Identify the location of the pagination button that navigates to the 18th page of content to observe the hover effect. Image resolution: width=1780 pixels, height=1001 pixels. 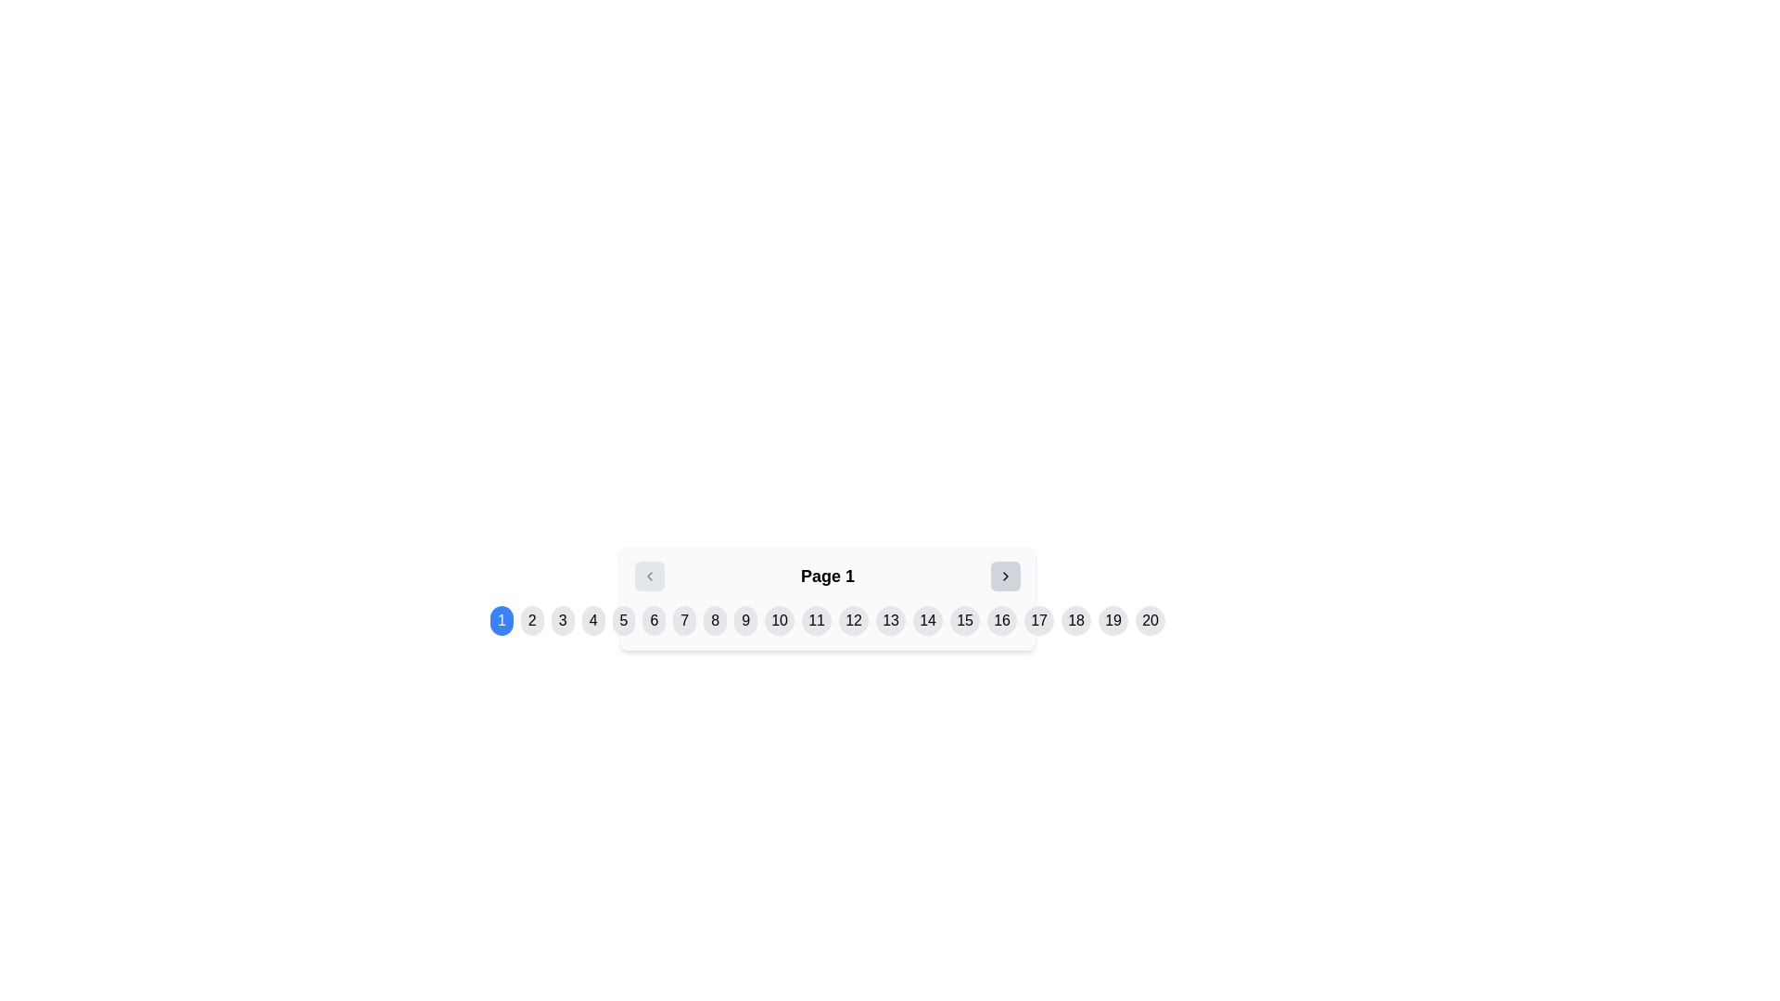
(1076, 621).